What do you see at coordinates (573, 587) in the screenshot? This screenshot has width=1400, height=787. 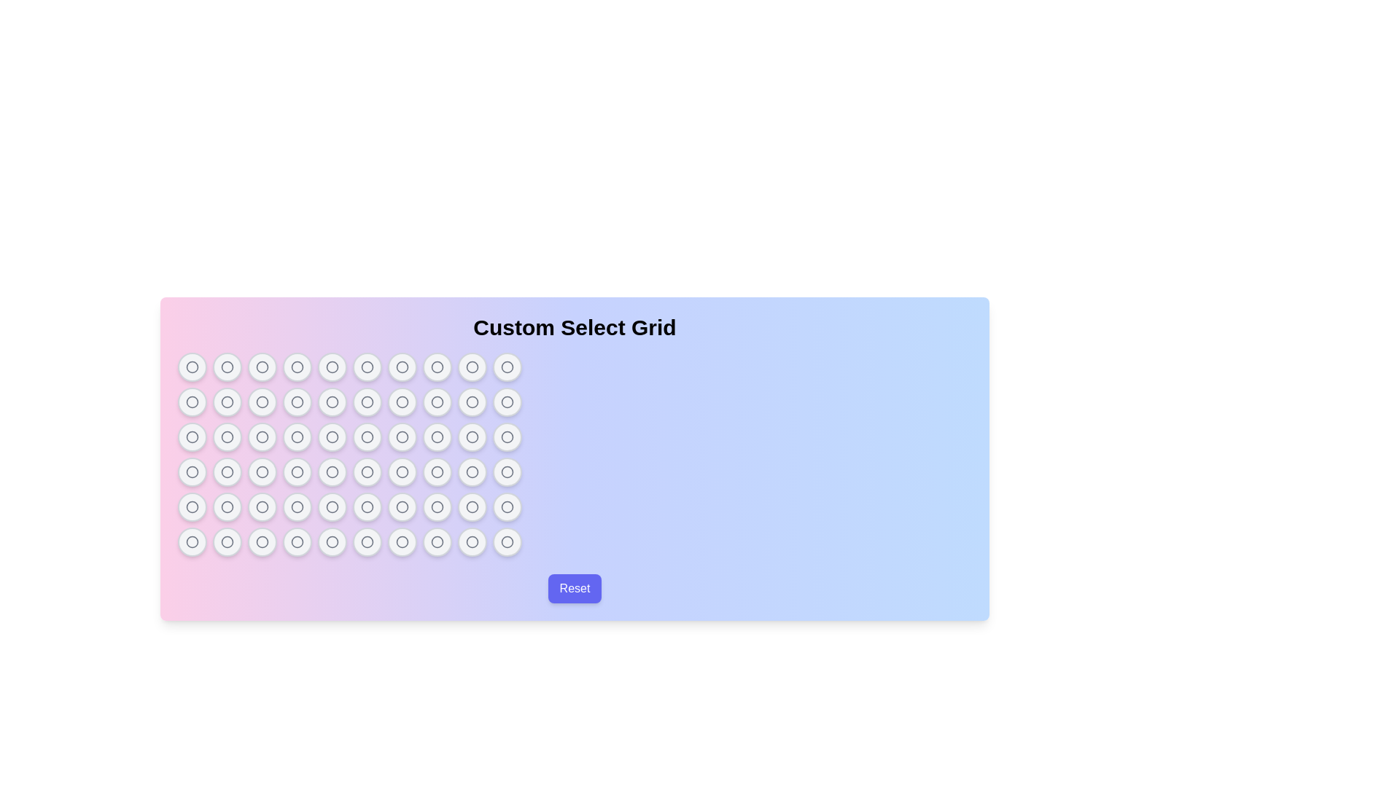 I see `the reset button to reset all grid cells to their default state` at bounding box center [573, 587].